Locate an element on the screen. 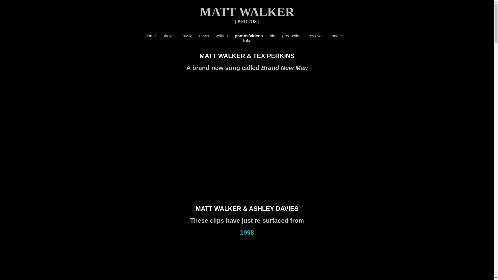  'home     ' is located at coordinates (154, 36).